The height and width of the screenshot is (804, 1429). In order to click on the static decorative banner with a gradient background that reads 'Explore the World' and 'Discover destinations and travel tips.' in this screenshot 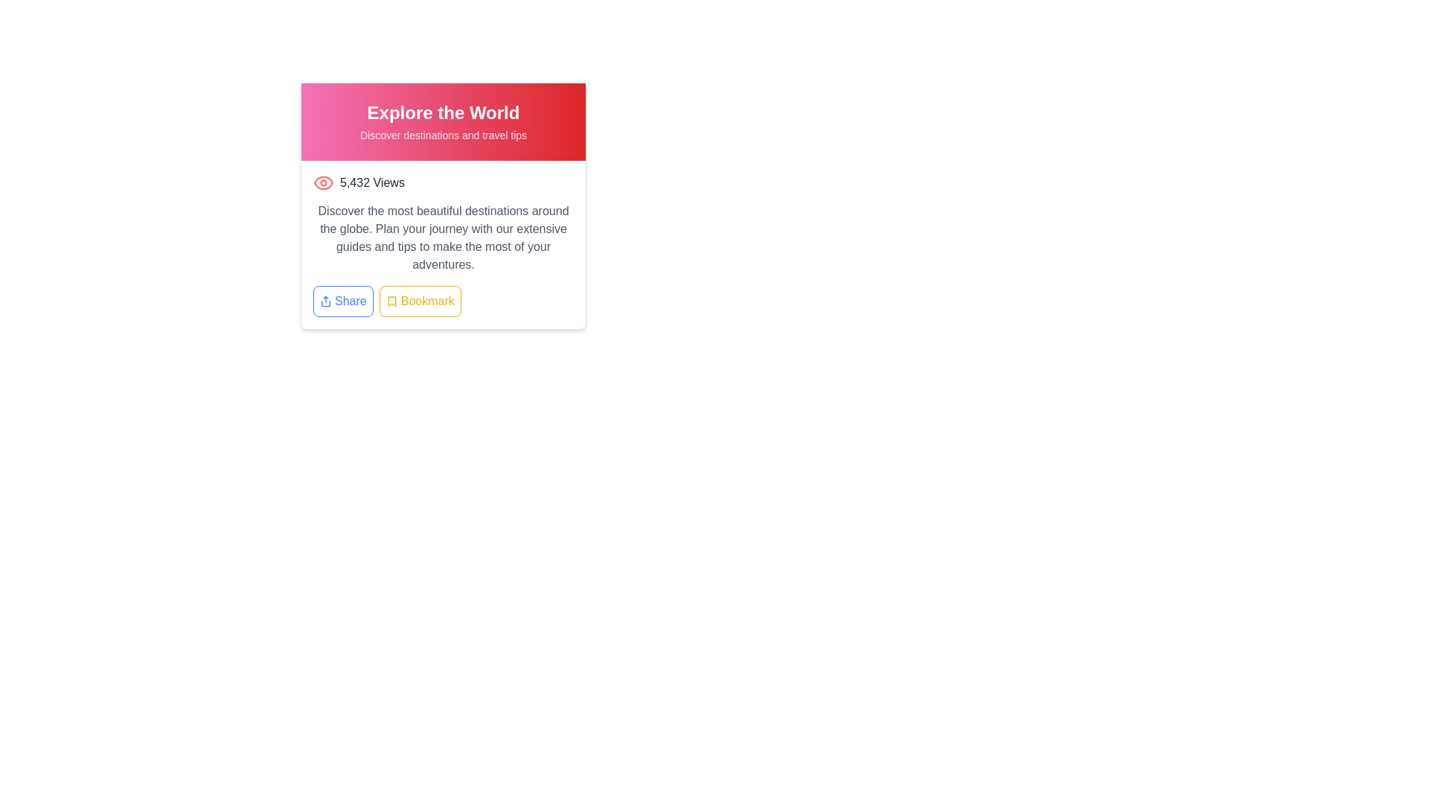, I will do `click(442, 121)`.